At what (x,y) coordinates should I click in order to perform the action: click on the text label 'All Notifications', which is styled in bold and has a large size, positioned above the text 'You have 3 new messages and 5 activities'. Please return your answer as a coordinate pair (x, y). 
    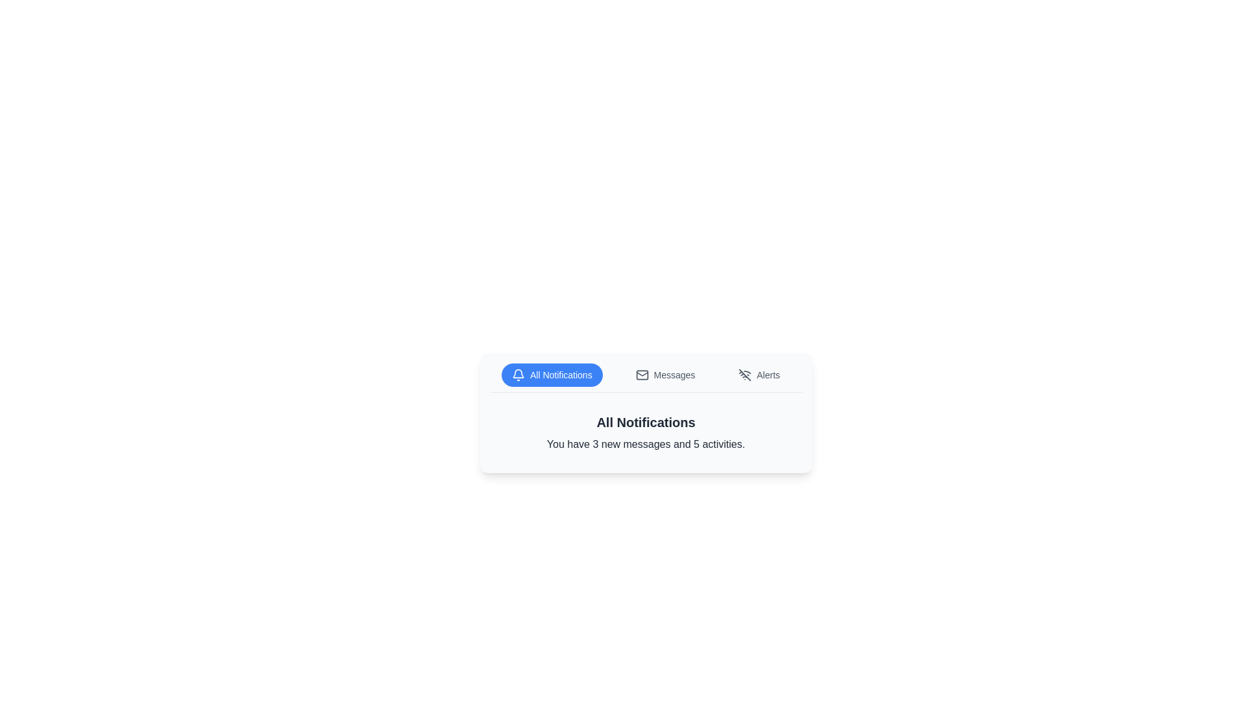
    Looking at the image, I should click on (646, 423).